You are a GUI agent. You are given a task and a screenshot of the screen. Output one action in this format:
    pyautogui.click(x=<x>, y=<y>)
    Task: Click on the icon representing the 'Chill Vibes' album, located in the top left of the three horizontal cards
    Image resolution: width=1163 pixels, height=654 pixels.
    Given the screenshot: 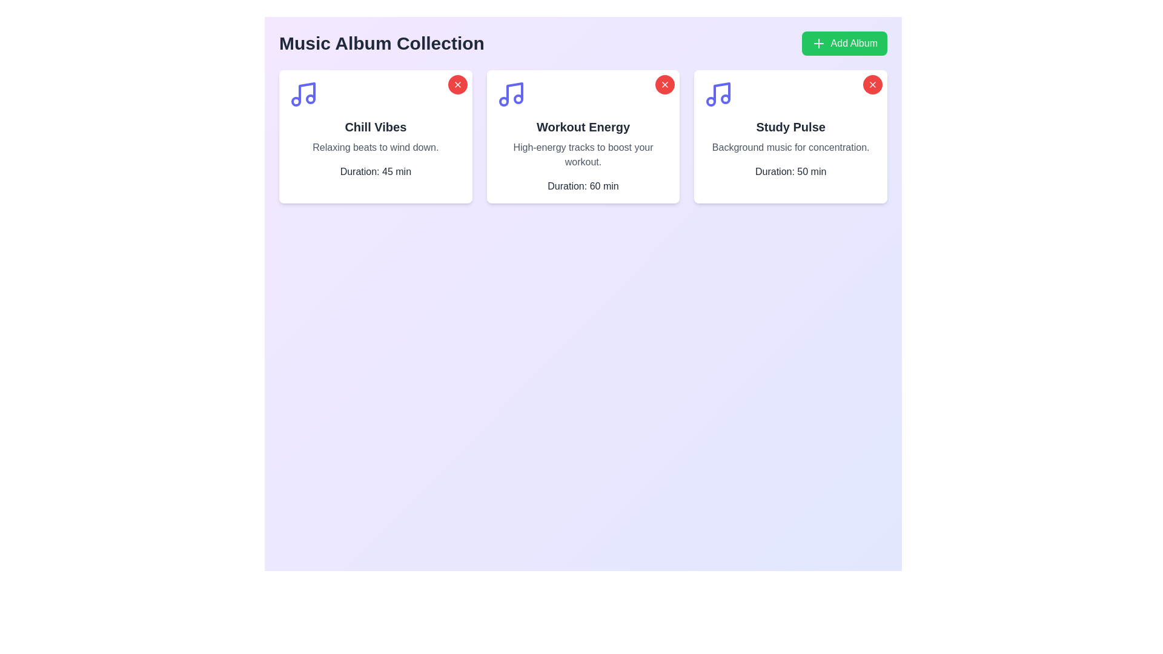 What is the action you would take?
    pyautogui.click(x=307, y=92)
    